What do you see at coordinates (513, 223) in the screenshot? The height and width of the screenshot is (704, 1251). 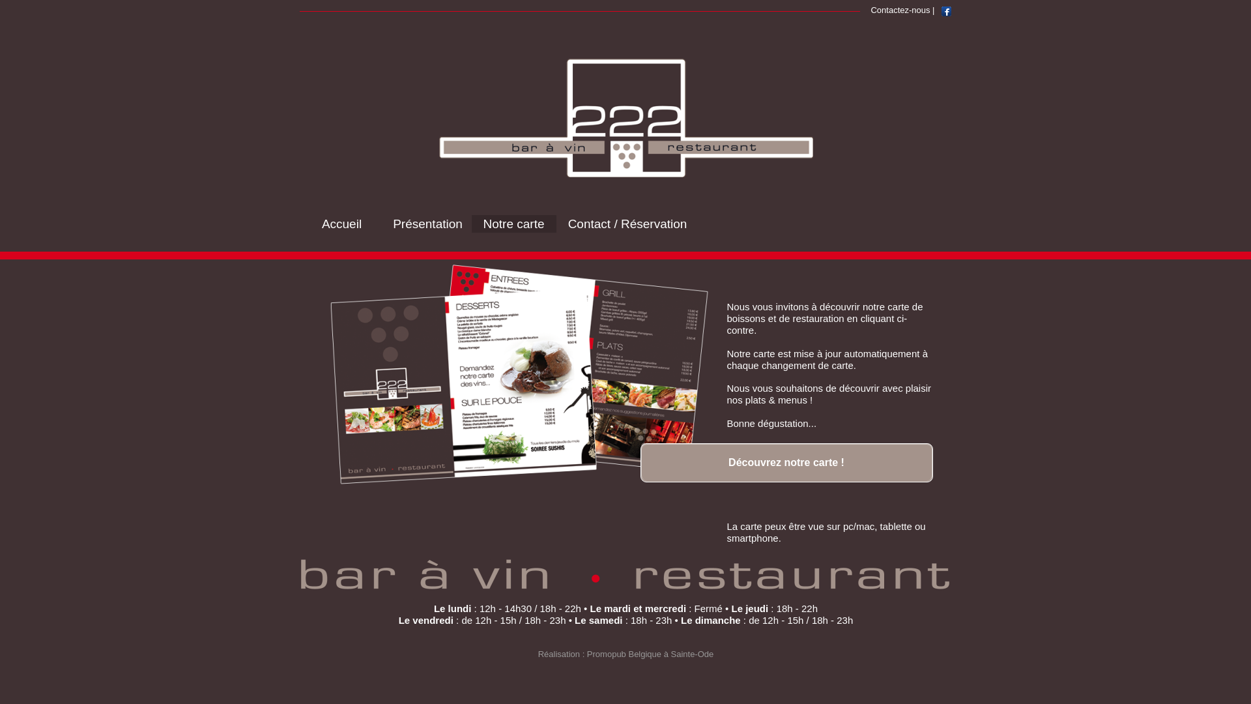 I see `'Notre carte'` at bounding box center [513, 223].